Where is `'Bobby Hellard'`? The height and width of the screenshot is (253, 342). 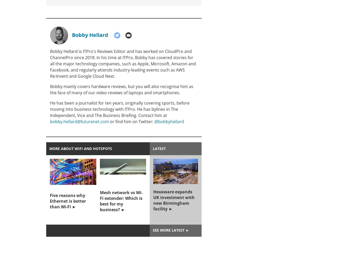
'Bobby Hellard' is located at coordinates (90, 35).